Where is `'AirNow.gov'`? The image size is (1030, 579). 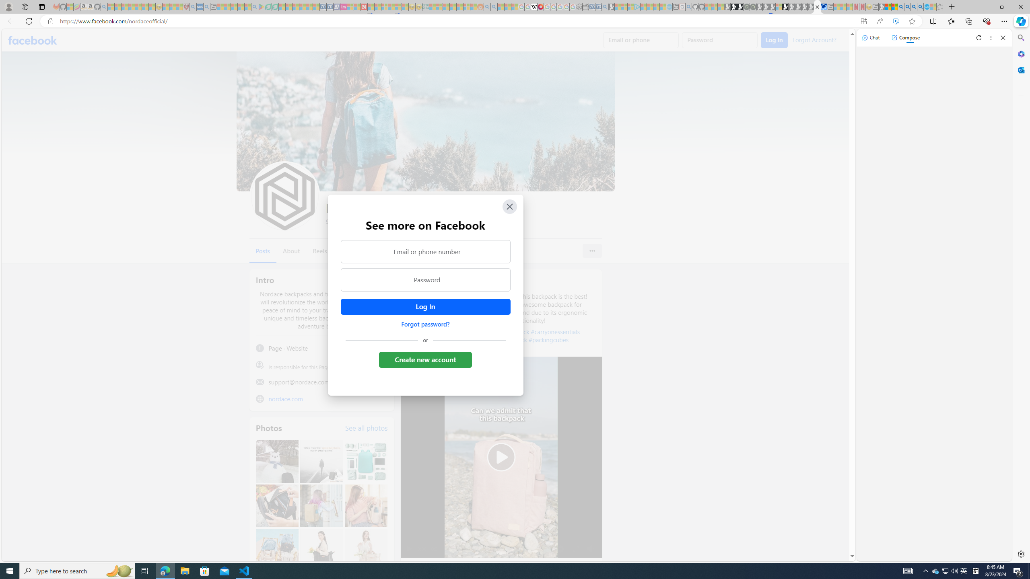
'AirNow.gov' is located at coordinates (823, 6).